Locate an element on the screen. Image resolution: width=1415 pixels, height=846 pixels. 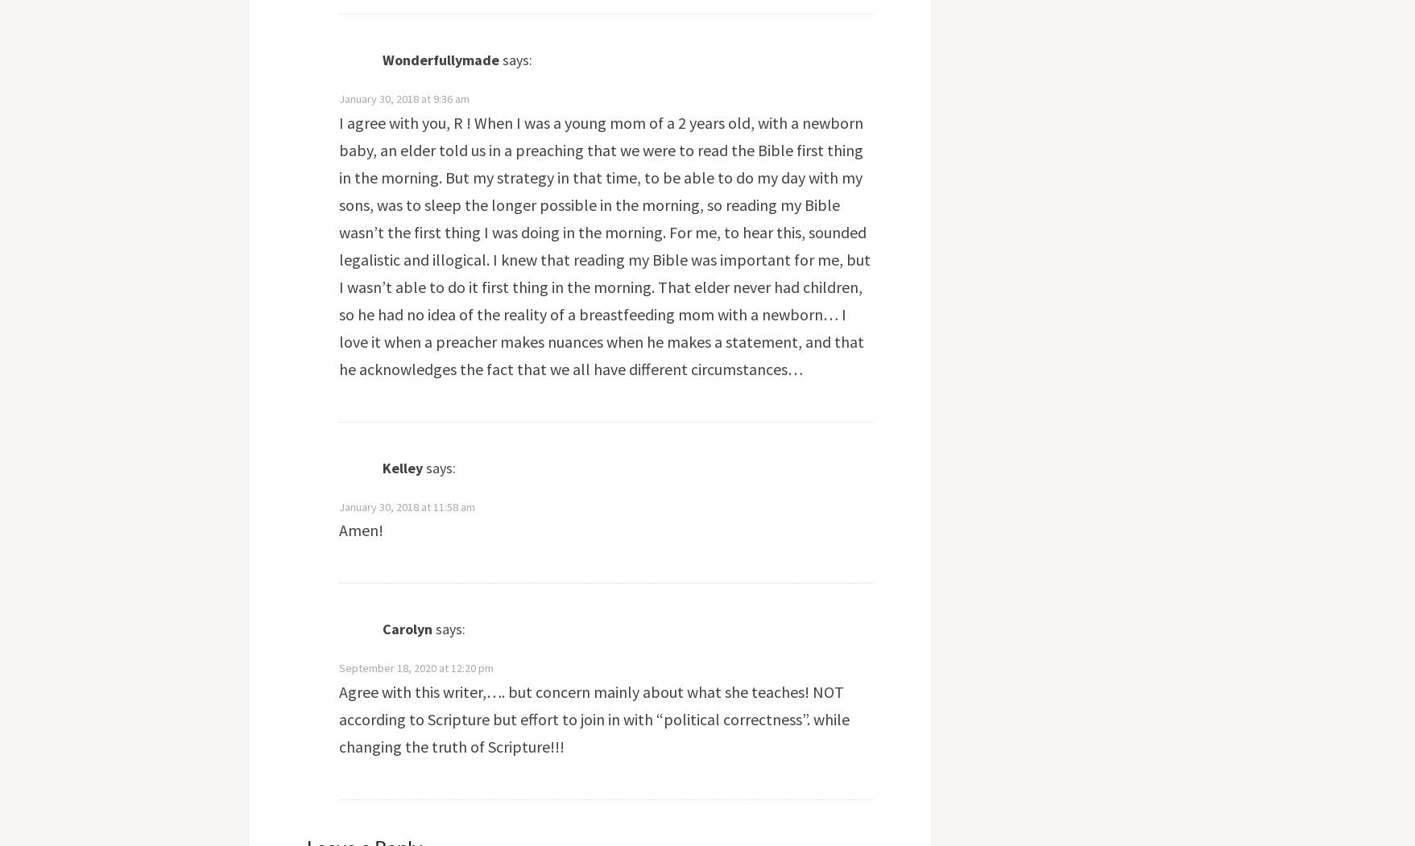
'Kelley' is located at coordinates (400, 468).